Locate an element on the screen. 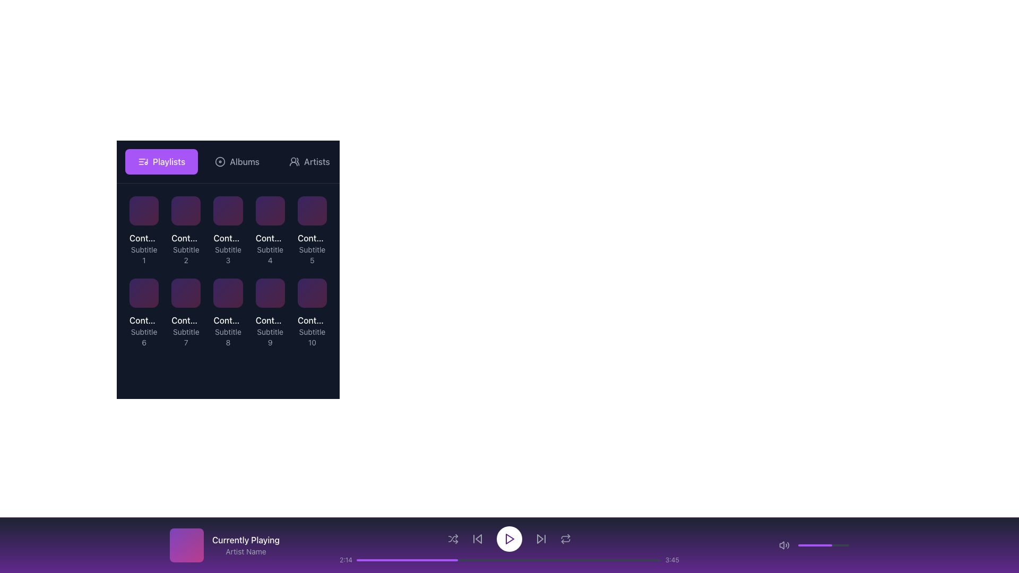  the circular icon resembling a disc with a thin white stroke, located inside the 'Albums' section, to the left of the text 'Albums', aligned with the top navigation bar, between 'Playlists' and 'Artists' is located at coordinates (220, 161).